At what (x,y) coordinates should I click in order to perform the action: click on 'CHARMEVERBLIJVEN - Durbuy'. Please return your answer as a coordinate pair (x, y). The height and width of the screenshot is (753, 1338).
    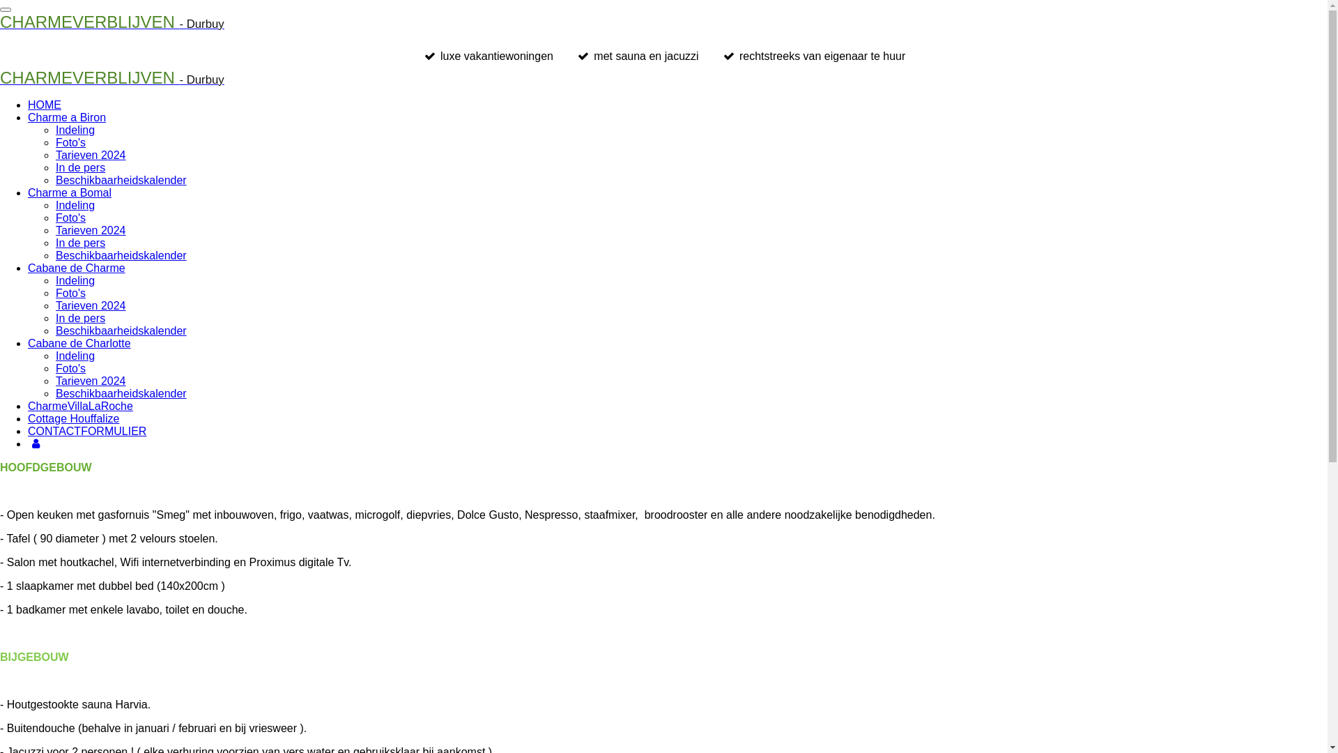
    Looking at the image, I should click on (112, 79).